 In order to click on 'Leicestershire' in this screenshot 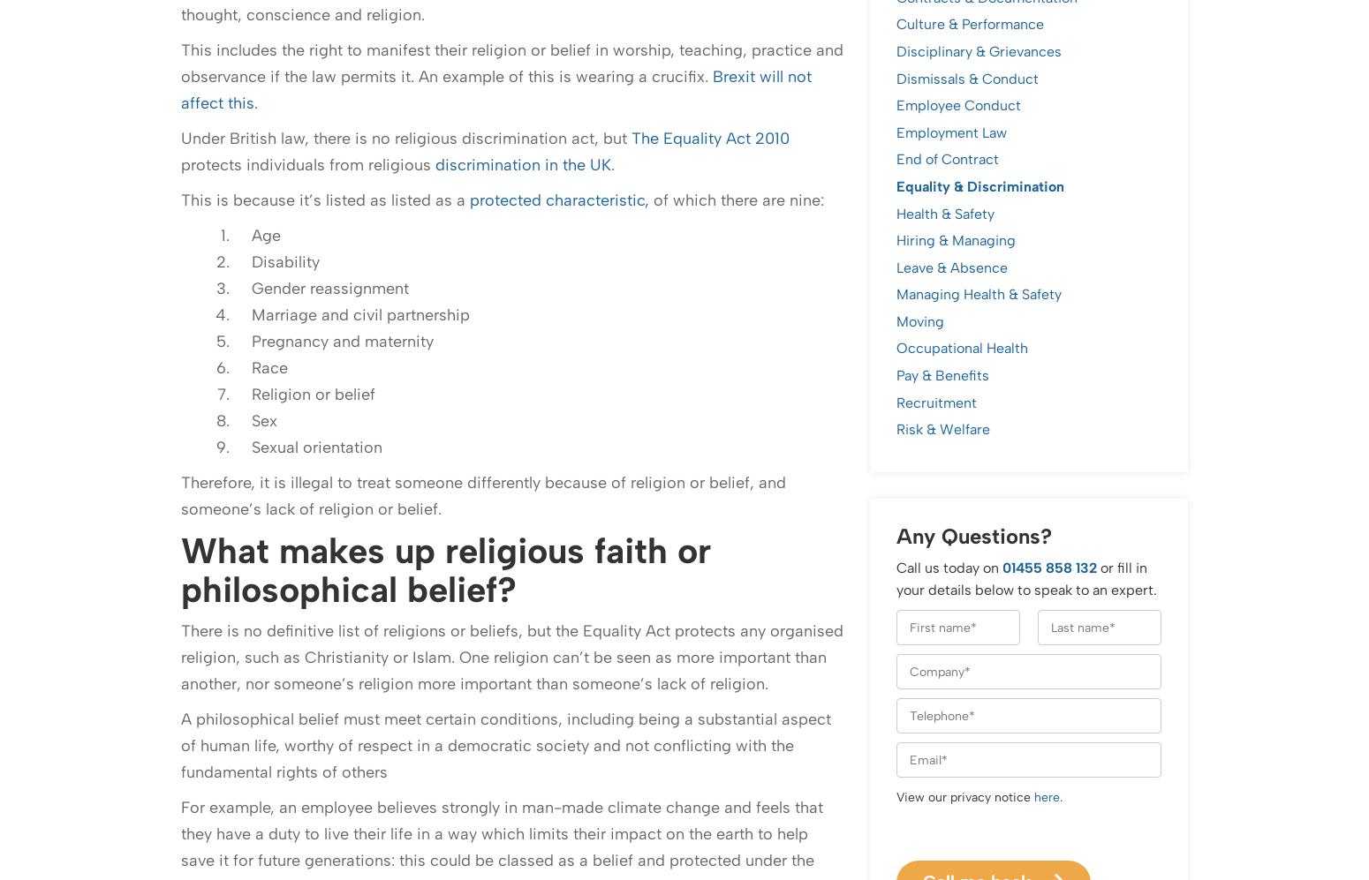, I will do `click(180, 805)`.